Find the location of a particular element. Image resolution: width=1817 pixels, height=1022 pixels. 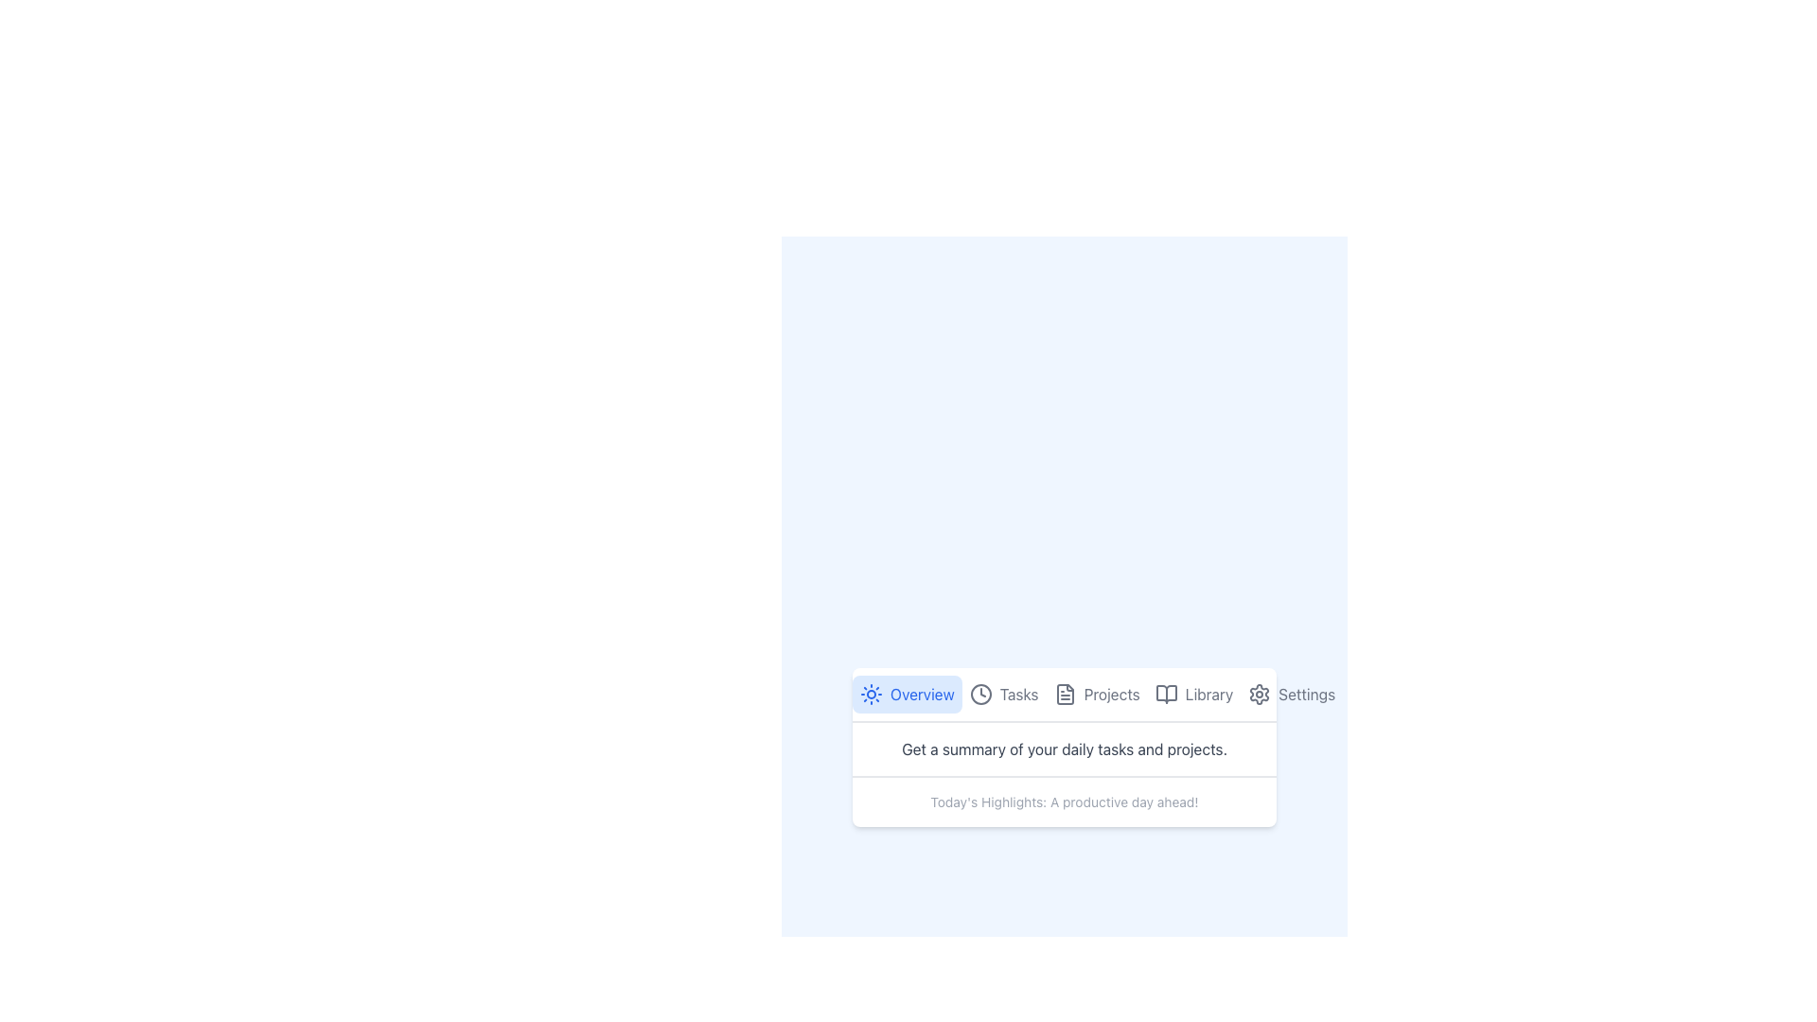

the Text Label that displays 'Today's Highlights: A productive day ahead!', which is styled in a smaller gray font and located beneath the main informational text is located at coordinates (1064, 802).